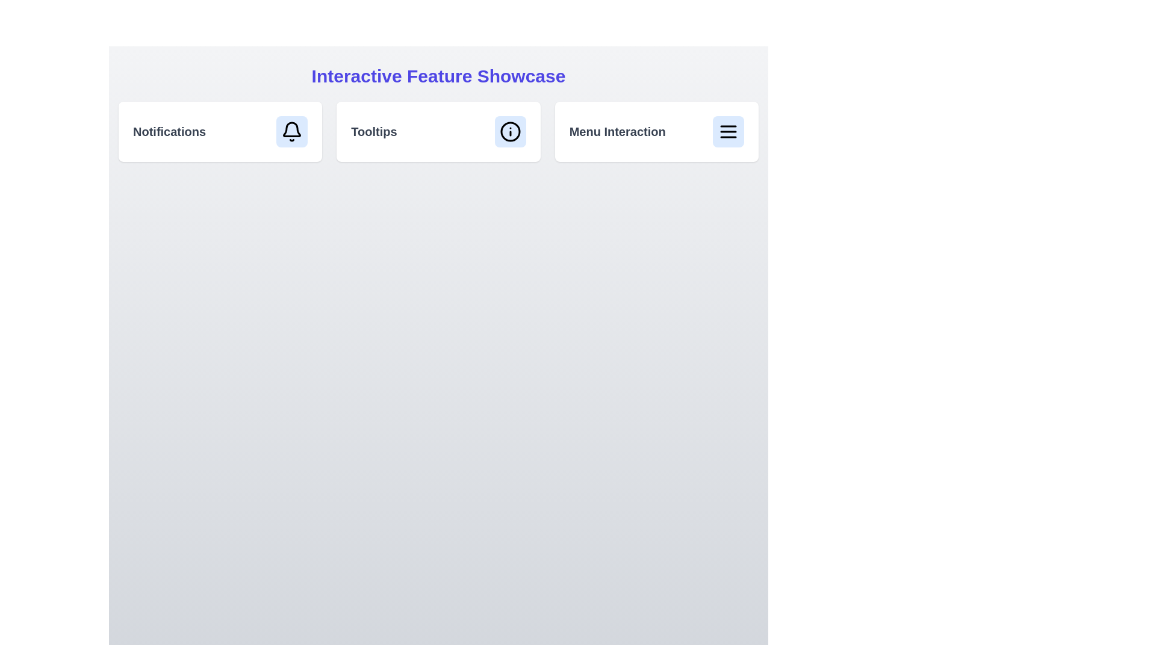 This screenshot has width=1156, height=650. I want to click on the tooltip indicator icon located at the horizontal center of the second segment labeled 'Tooltips', which provides additional details or context when interacted with, so click(510, 132).